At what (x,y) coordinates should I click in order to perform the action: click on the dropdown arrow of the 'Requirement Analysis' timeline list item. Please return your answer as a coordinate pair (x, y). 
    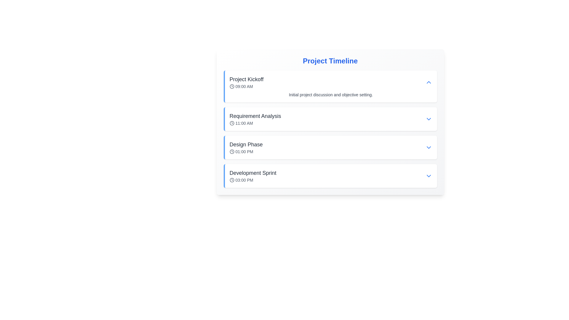
    Looking at the image, I should click on (330, 119).